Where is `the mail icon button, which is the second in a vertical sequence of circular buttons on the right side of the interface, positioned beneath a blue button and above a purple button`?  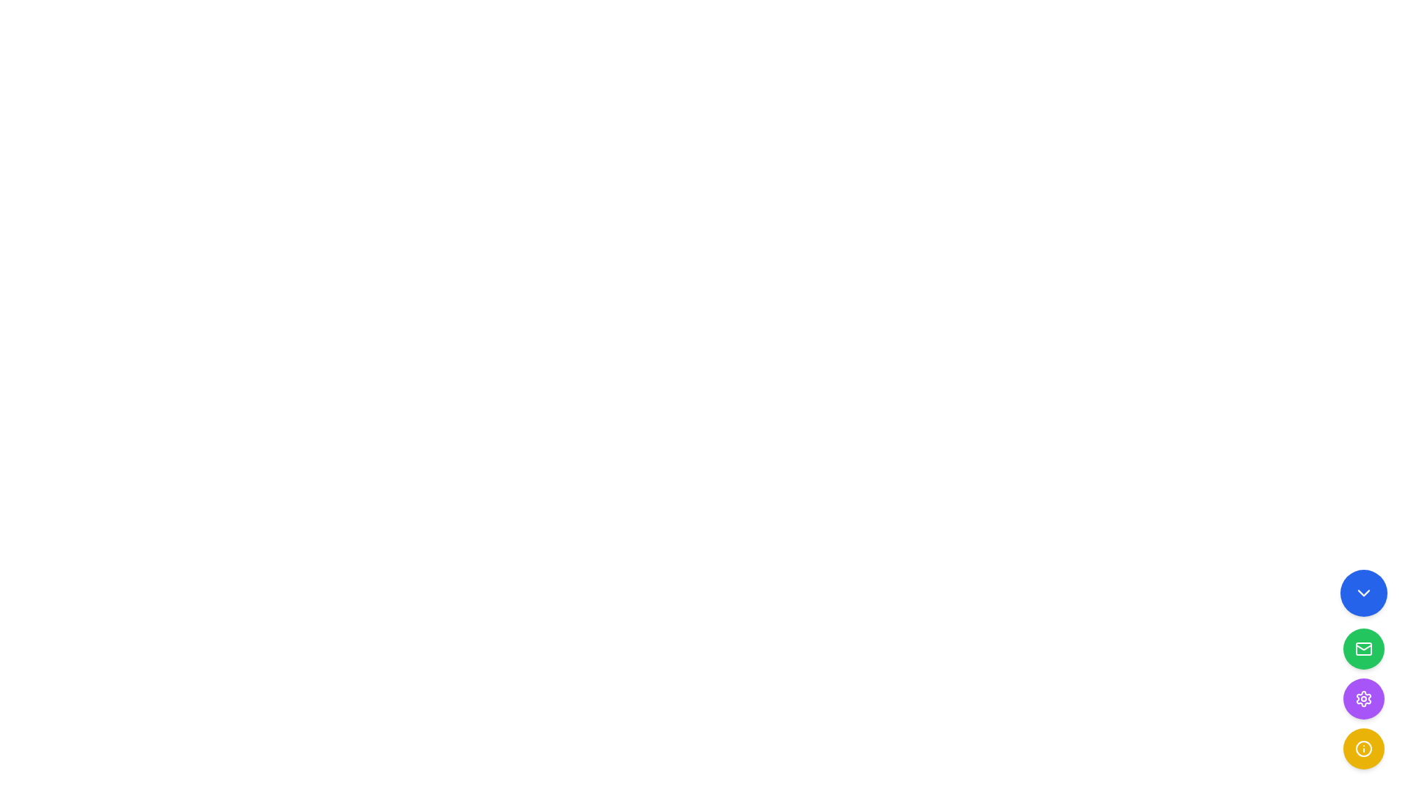
the mail icon button, which is the second in a vertical sequence of circular buttons on the right side of the interface, positioned beneath a blue button and above a purple button is located at coordinates (1363, 648).